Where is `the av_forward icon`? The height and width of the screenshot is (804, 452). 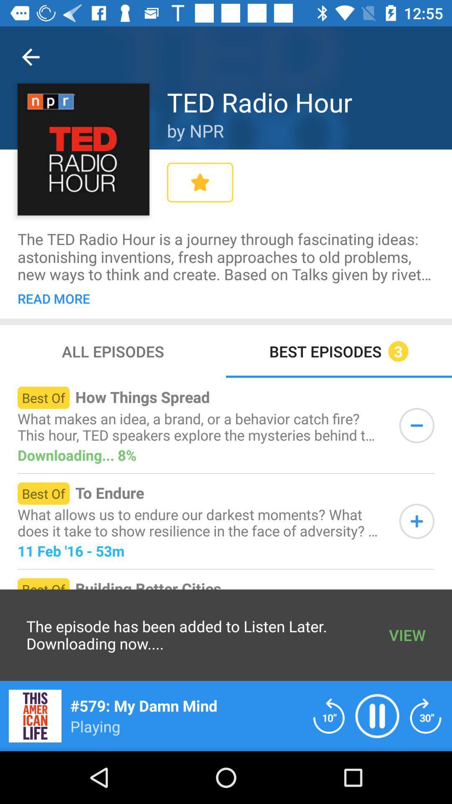 the av_forward icon is located at coordinates (426, 715).